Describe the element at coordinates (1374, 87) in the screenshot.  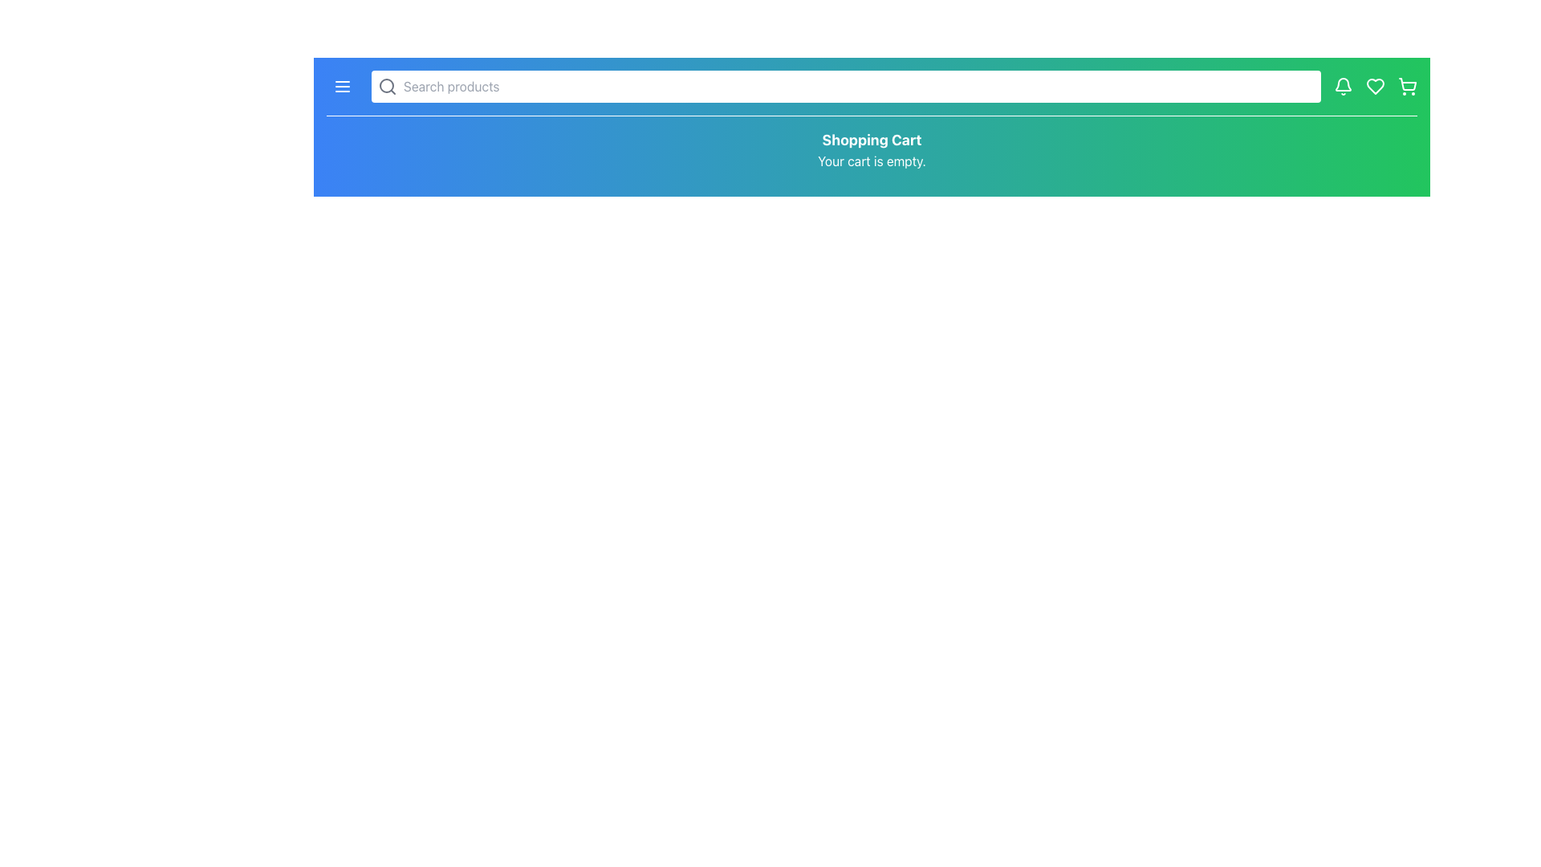
I see `the heart icon located at the top-right corner of the interface to like or favorite an item` at that location.